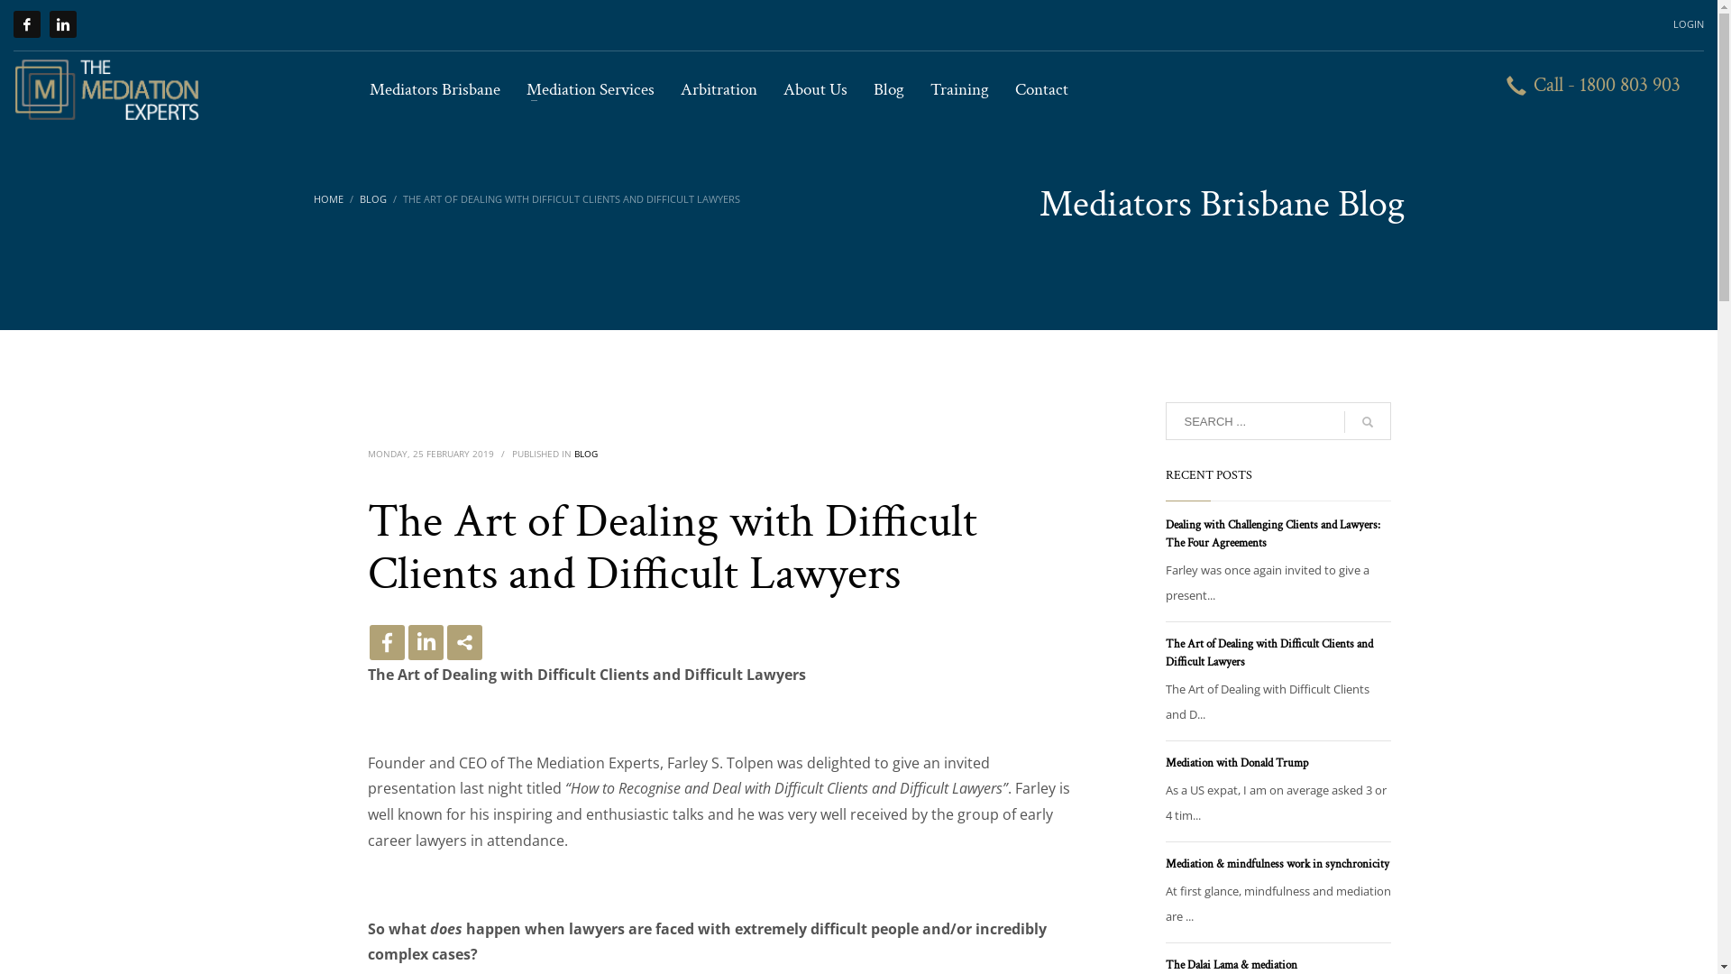 The image size is (1731, 974). I want to click on 'Facebook', so click(386, 641).